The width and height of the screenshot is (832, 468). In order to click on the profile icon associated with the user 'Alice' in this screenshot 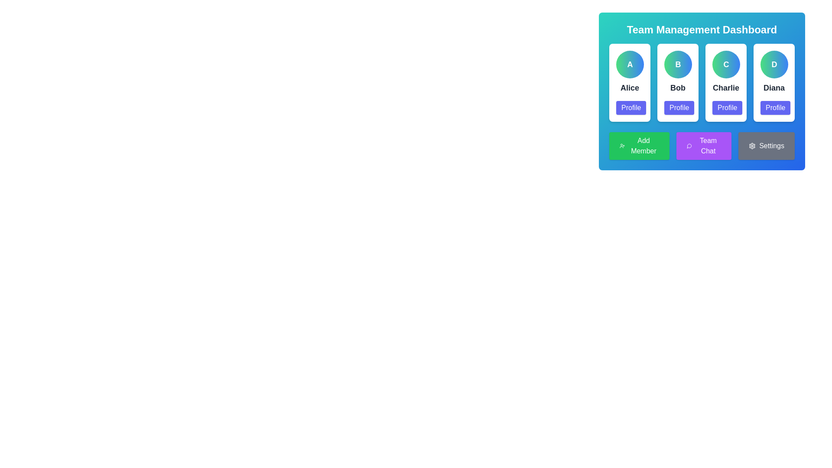, I will do `click(630, 64)`.